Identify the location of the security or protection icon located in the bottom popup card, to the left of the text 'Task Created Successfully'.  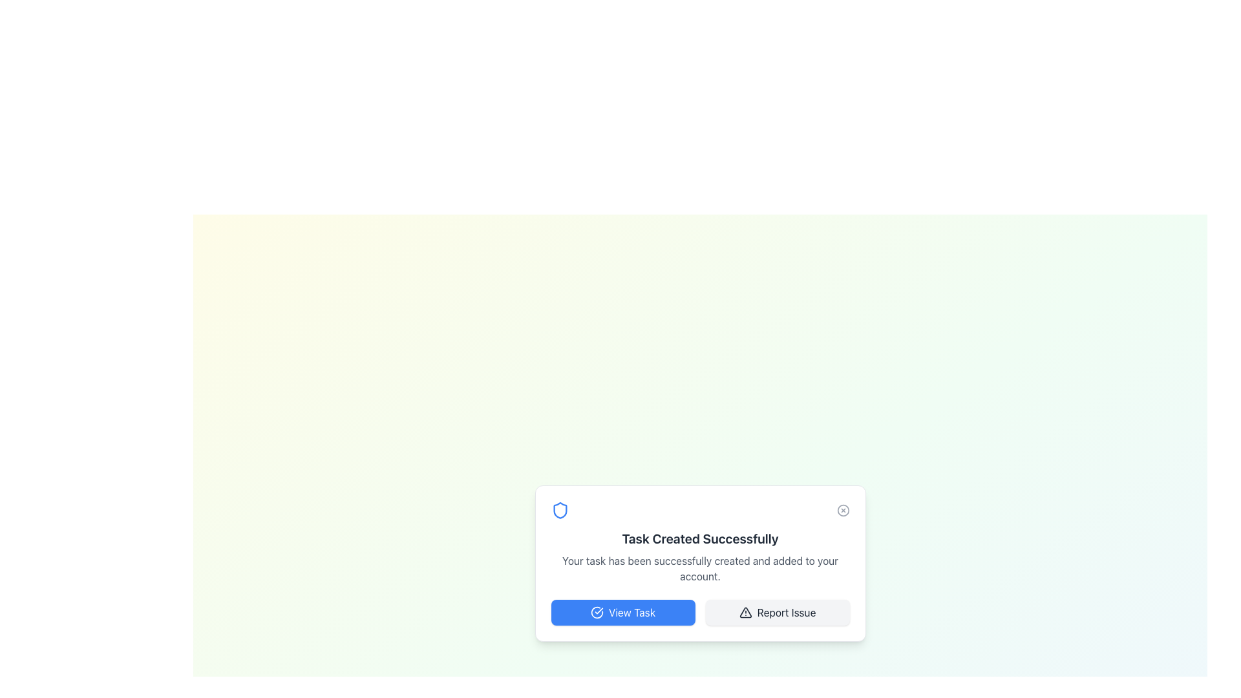
(560, 510).